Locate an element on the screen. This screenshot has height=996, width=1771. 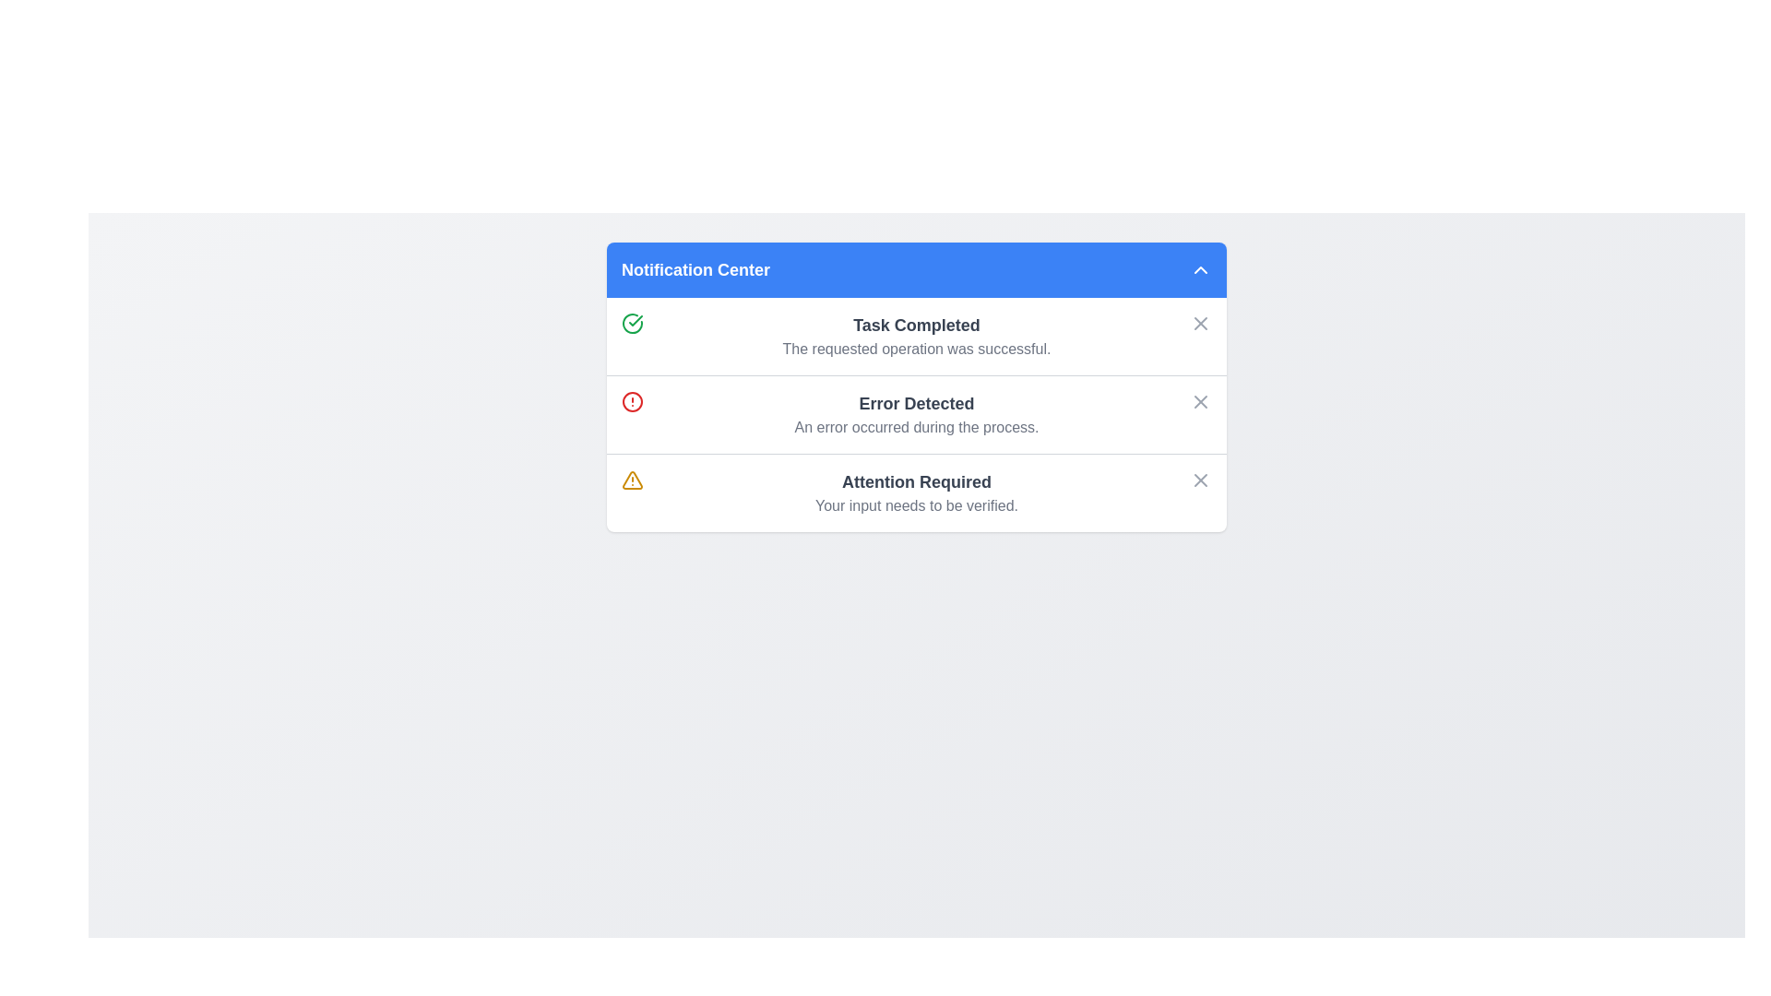
the Close button located in the top-right corner of the 'Error Detected' notification is located at coordinates (1200, 400).